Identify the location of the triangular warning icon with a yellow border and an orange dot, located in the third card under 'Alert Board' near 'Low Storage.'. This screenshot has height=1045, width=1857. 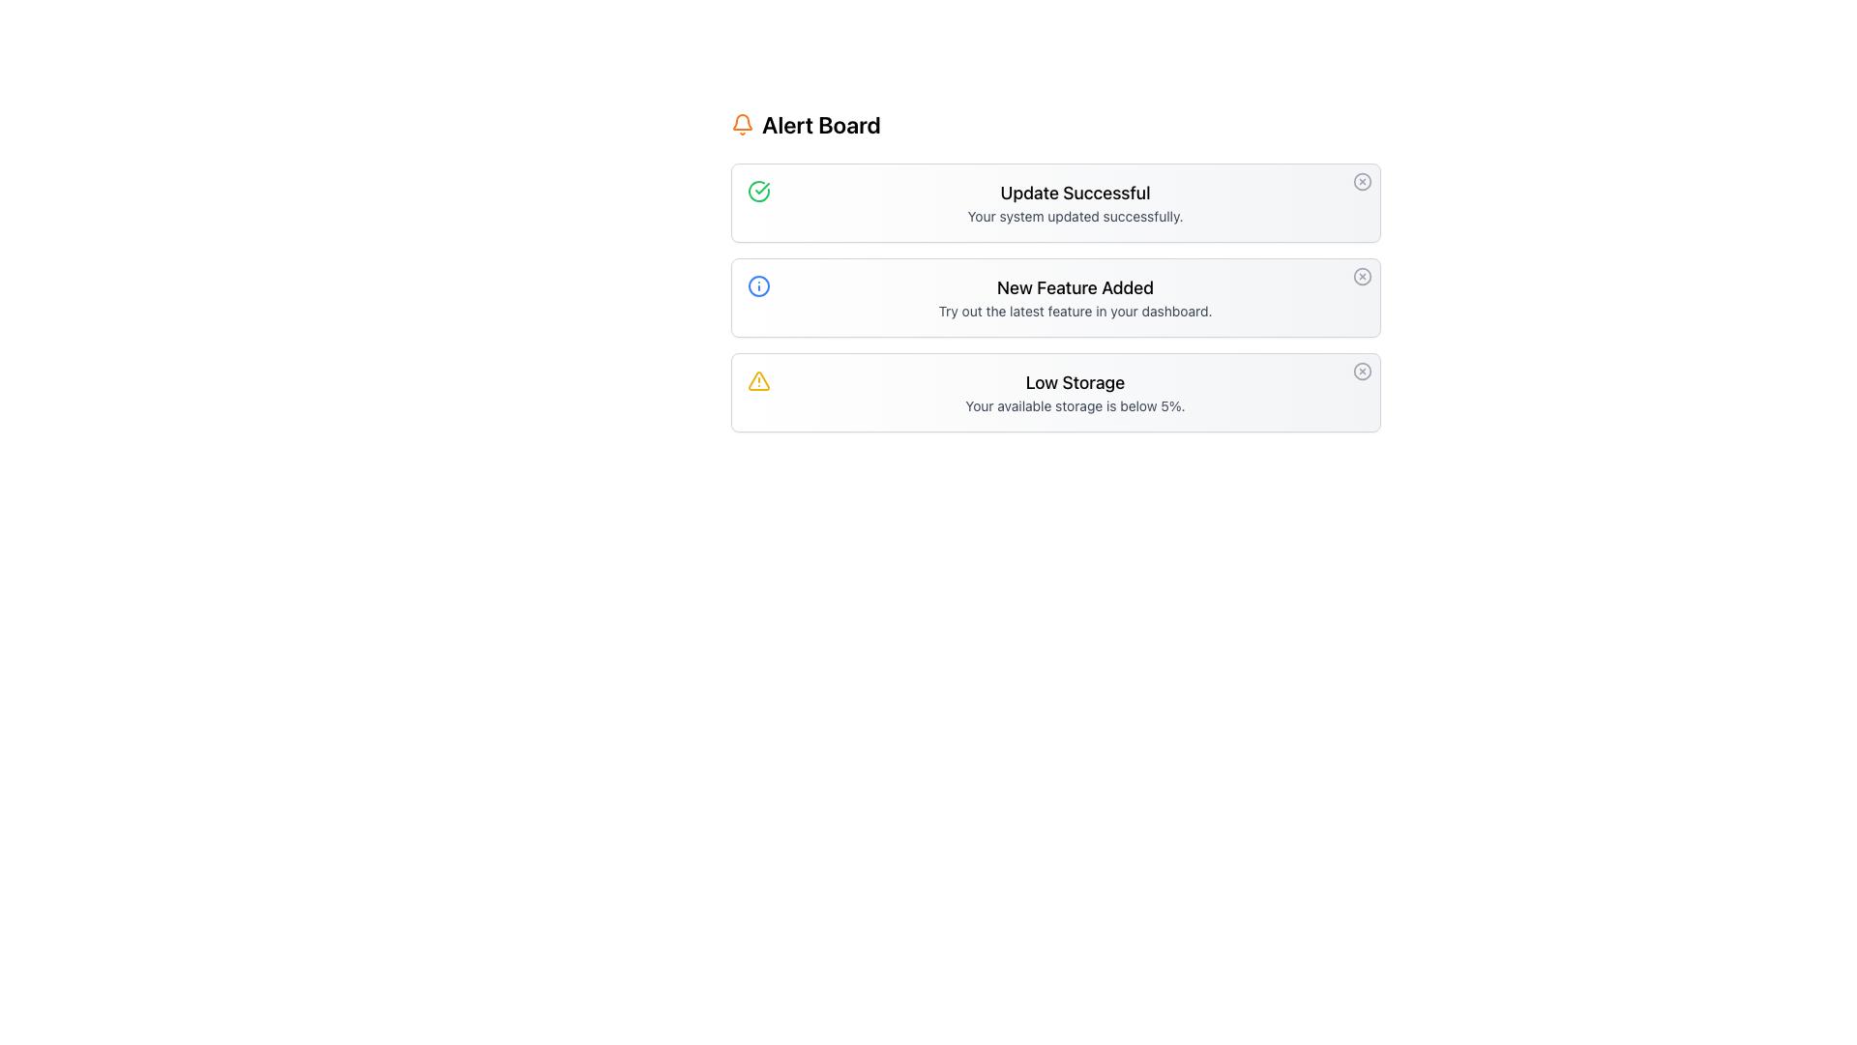
(757, 380).